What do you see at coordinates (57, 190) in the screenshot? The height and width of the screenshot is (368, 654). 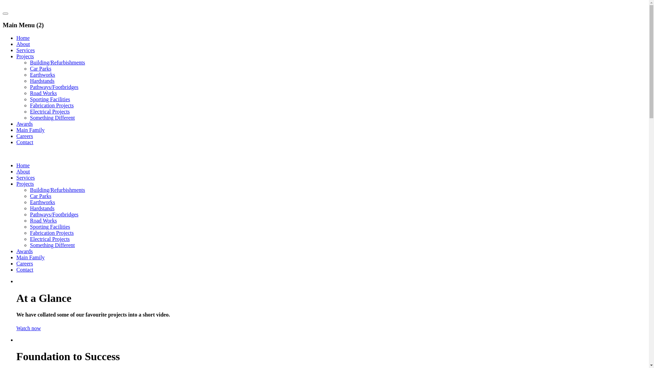 I see `'Building/Refurbishments'` at bounding box center [57, 190].